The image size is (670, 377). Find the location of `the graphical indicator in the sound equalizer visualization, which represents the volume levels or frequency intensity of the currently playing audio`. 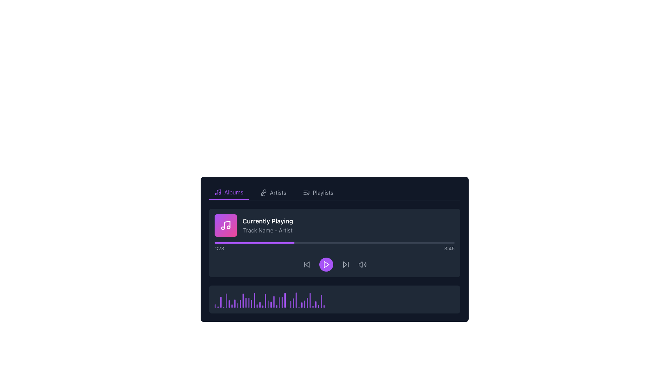

the graphical indicator in the sound equalizer visualization, which represents the volume levels or frequency intensity of the currently playing audio is located at coordinates (296, 300).